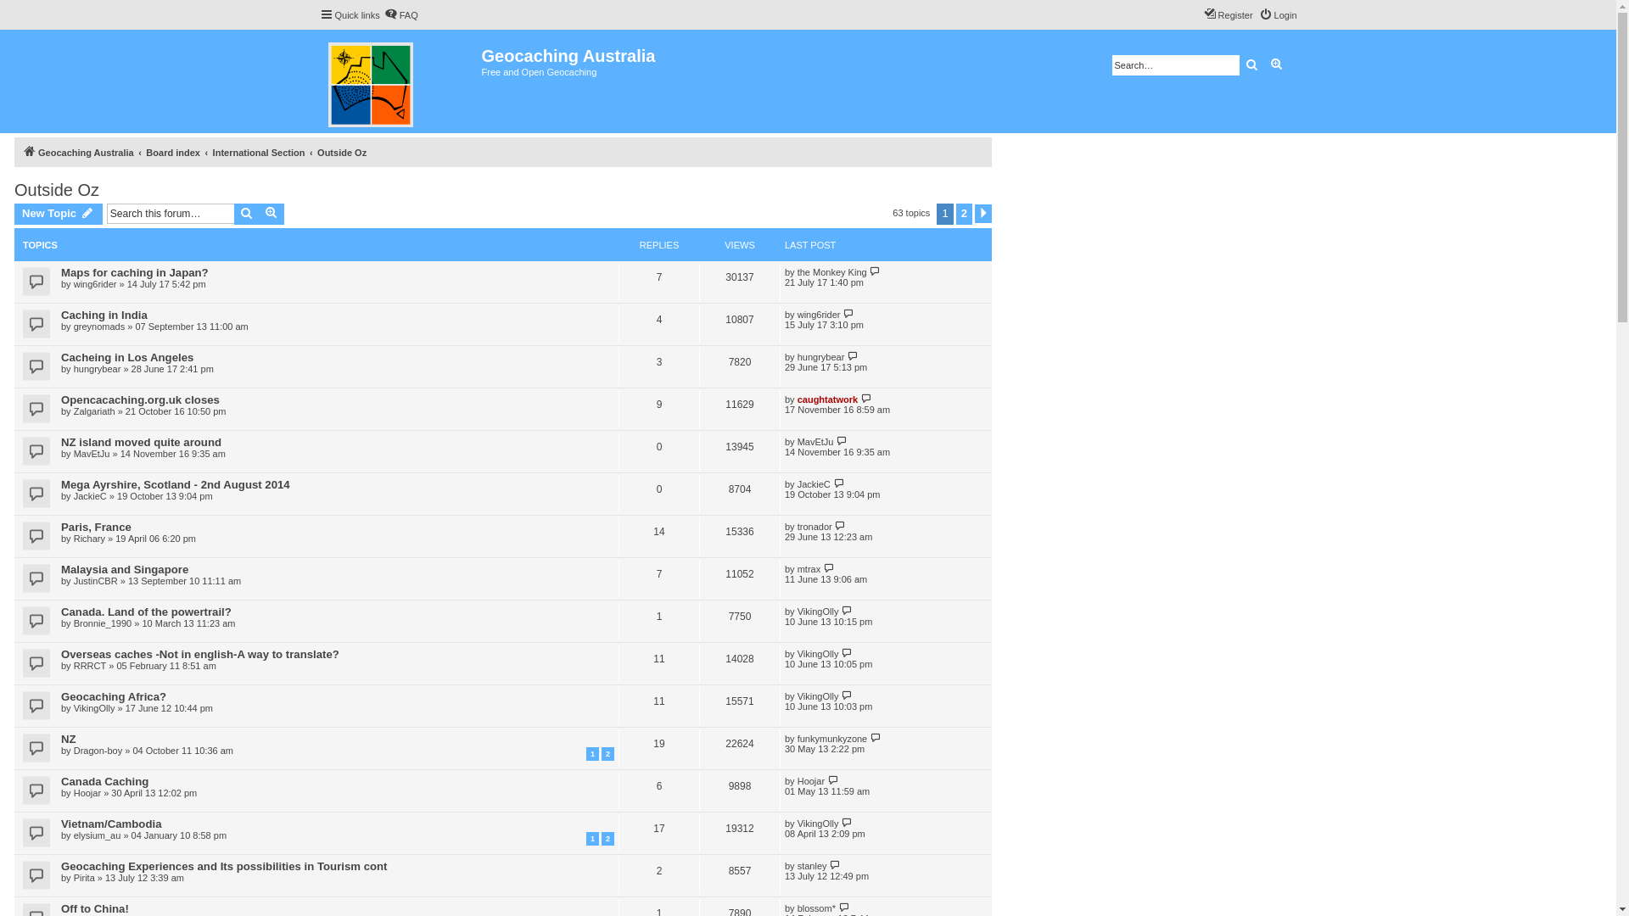 This screenshot has height=916, width=1629. I want to click on 'NZ', so click(68, 738).